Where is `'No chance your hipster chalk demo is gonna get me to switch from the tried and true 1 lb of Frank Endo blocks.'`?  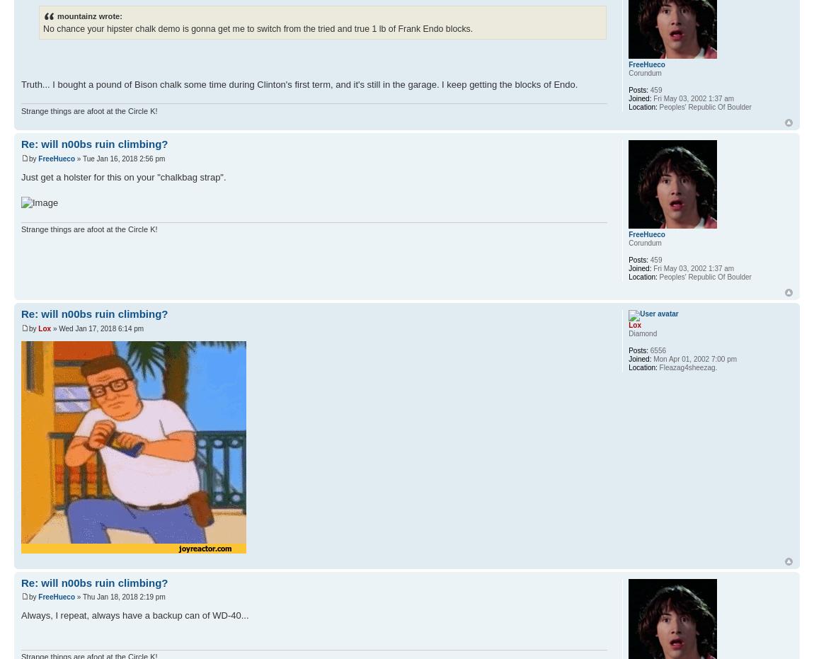
'No chance your hipster chalk demo is gonna get me to switch from the tried and true 1 lb of Frank Endo blocks.' is located at coordinates (258, 28).